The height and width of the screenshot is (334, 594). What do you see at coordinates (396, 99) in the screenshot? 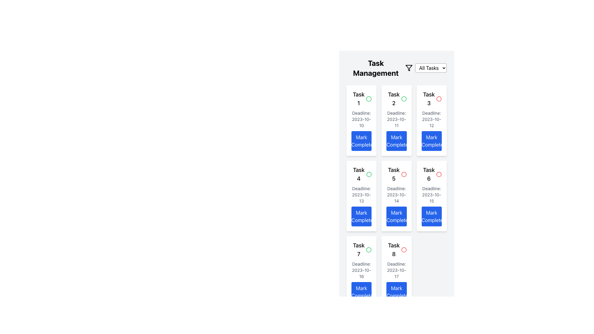
I see `the 'Task 2' text label located at the top of the 'Task 2' card in the task management board` at bounding box center [396, 99].